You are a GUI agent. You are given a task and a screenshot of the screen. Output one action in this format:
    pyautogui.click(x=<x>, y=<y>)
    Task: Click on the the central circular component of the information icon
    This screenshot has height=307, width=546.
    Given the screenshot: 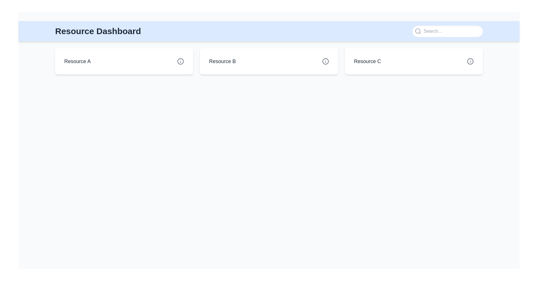 What is the action you would take?
    pyautogui.click(x=470, y=61)
    